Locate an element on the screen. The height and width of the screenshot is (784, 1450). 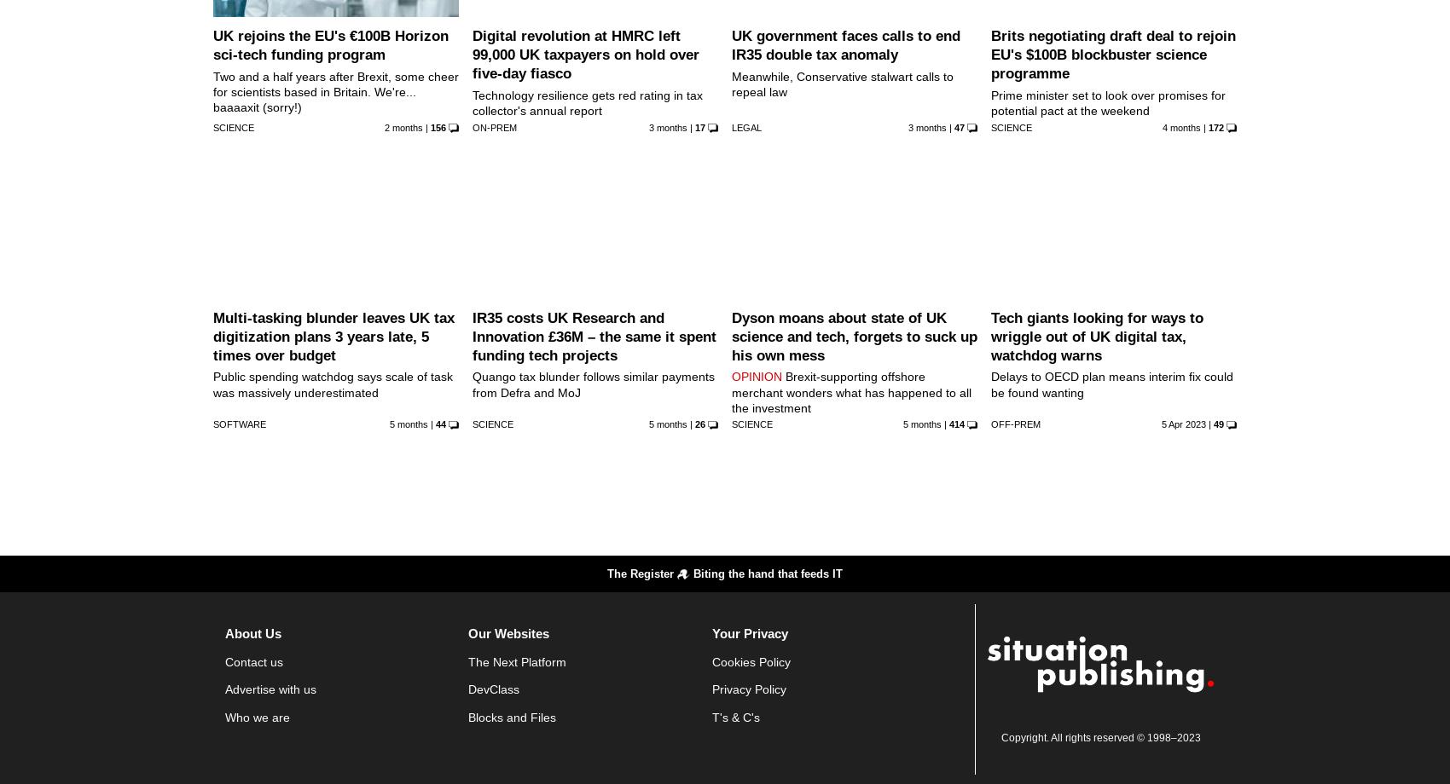
'T's & C's' is located at coordinates (735, 715).